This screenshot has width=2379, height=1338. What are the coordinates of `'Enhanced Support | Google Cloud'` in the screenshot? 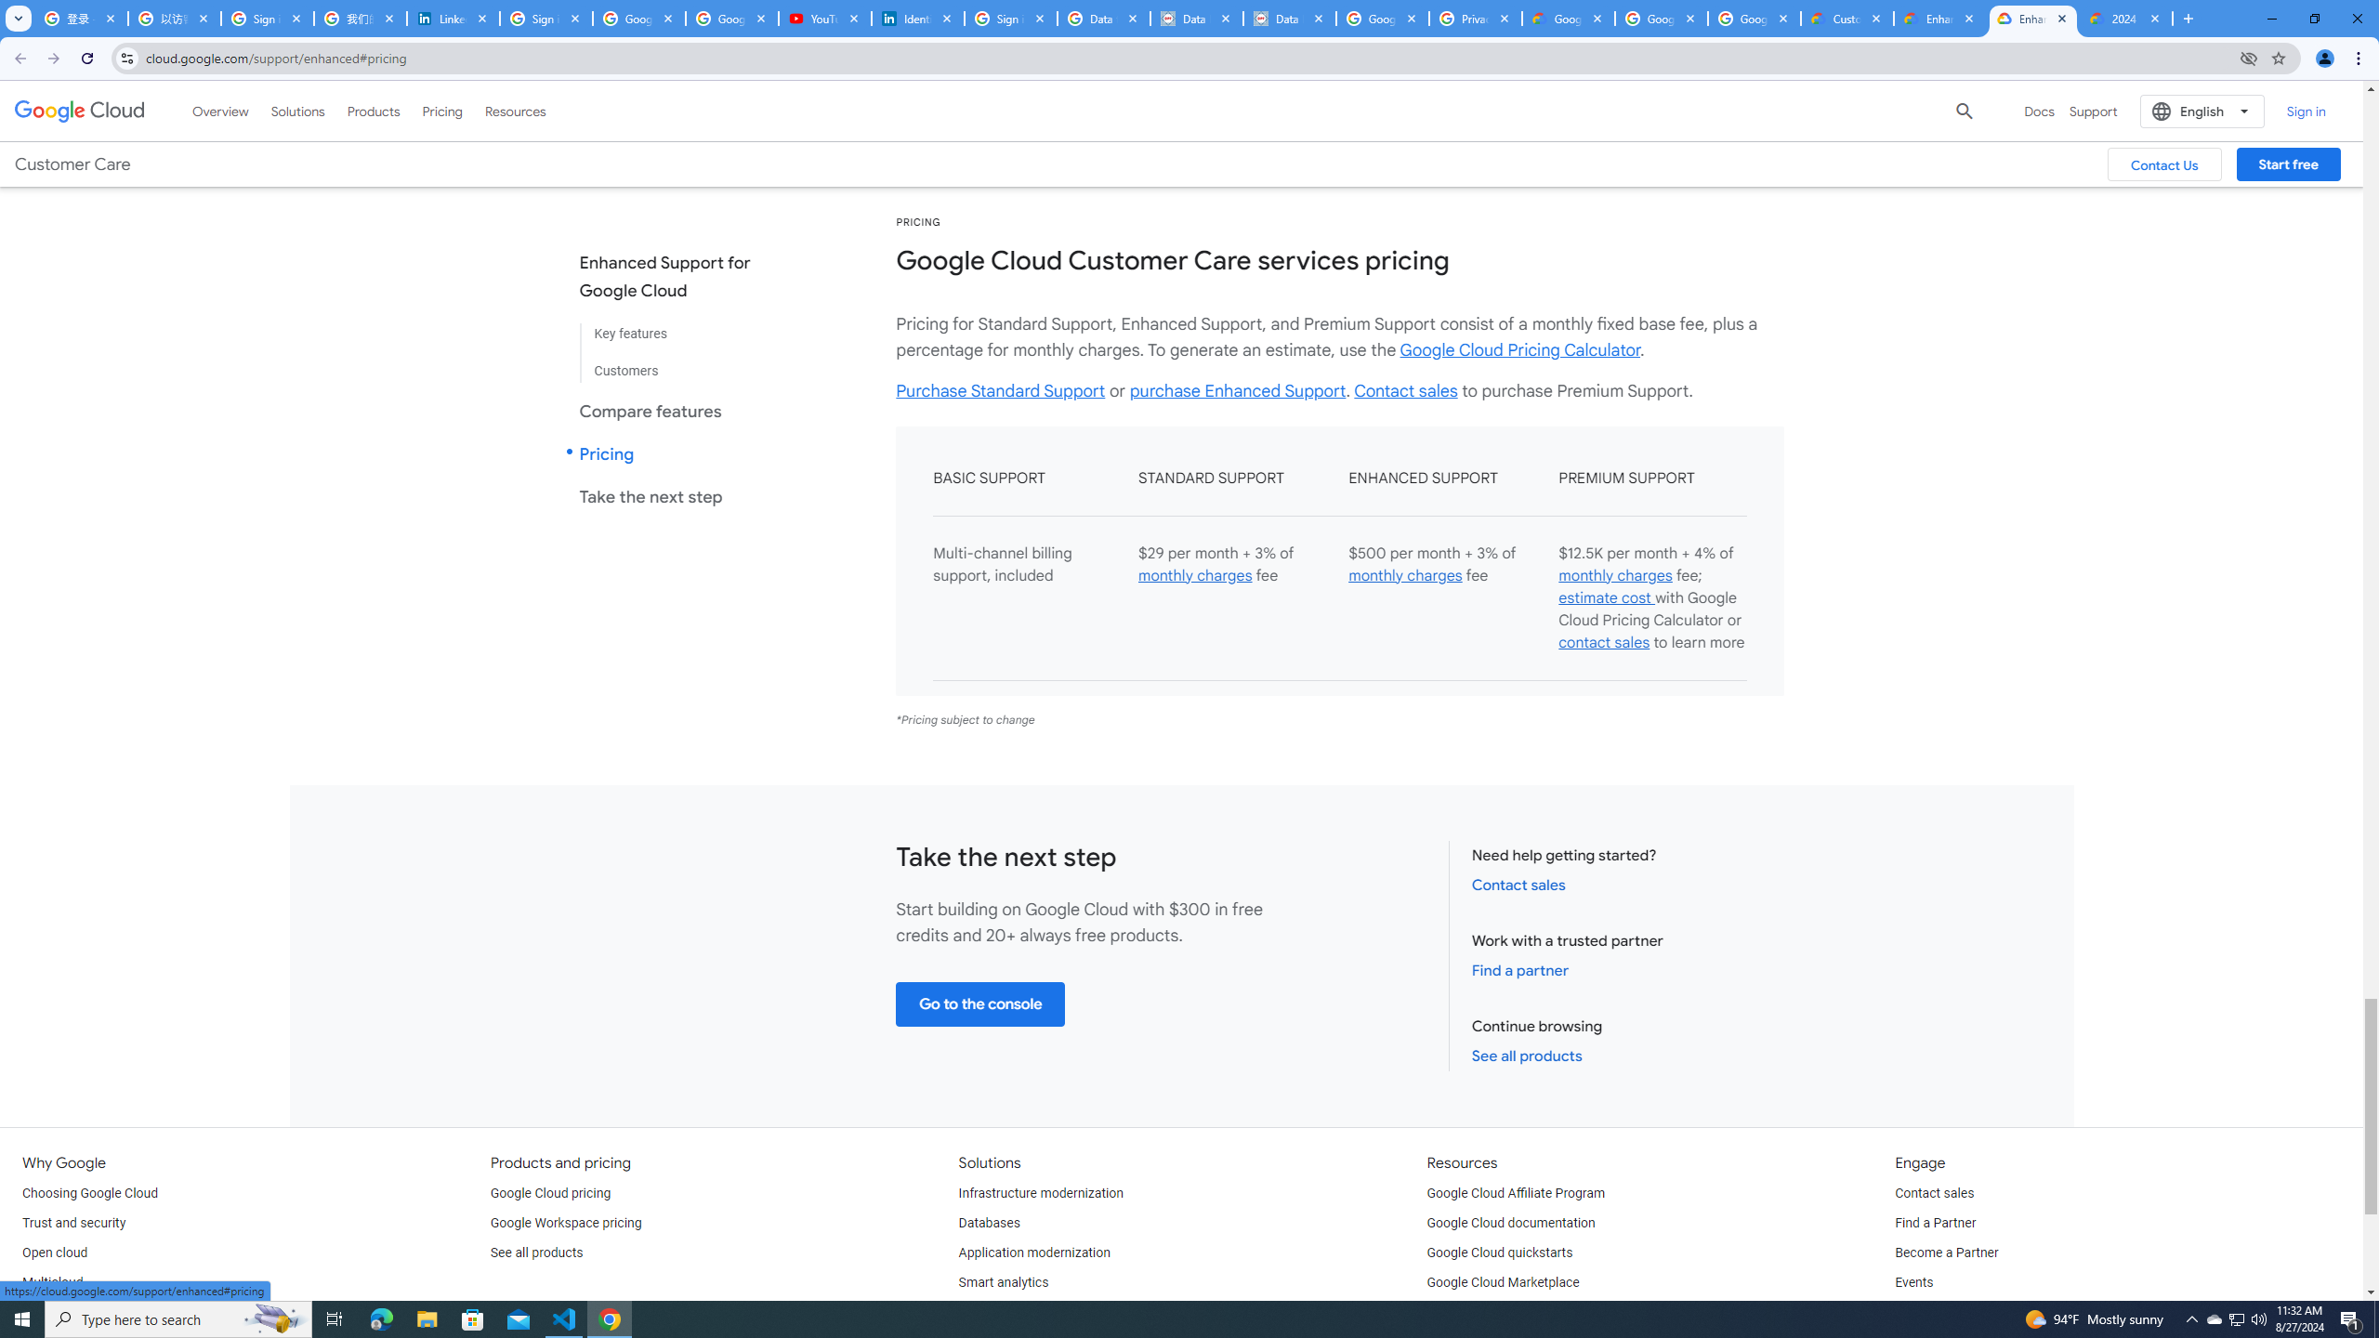 It's located at (2033, 18).